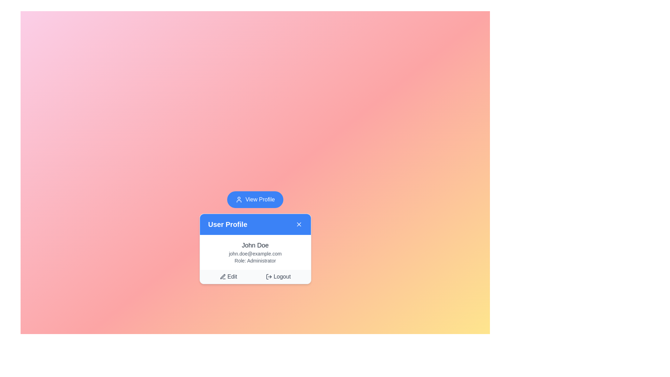  What do you see at coordinates (255, 276) in the screenshot?
I see `the 'Logout' option on the light-gray bar located at the bottom of the user profile card, which contains options for 'Edit' and 'Logout'` at bounding box center [255, 276].